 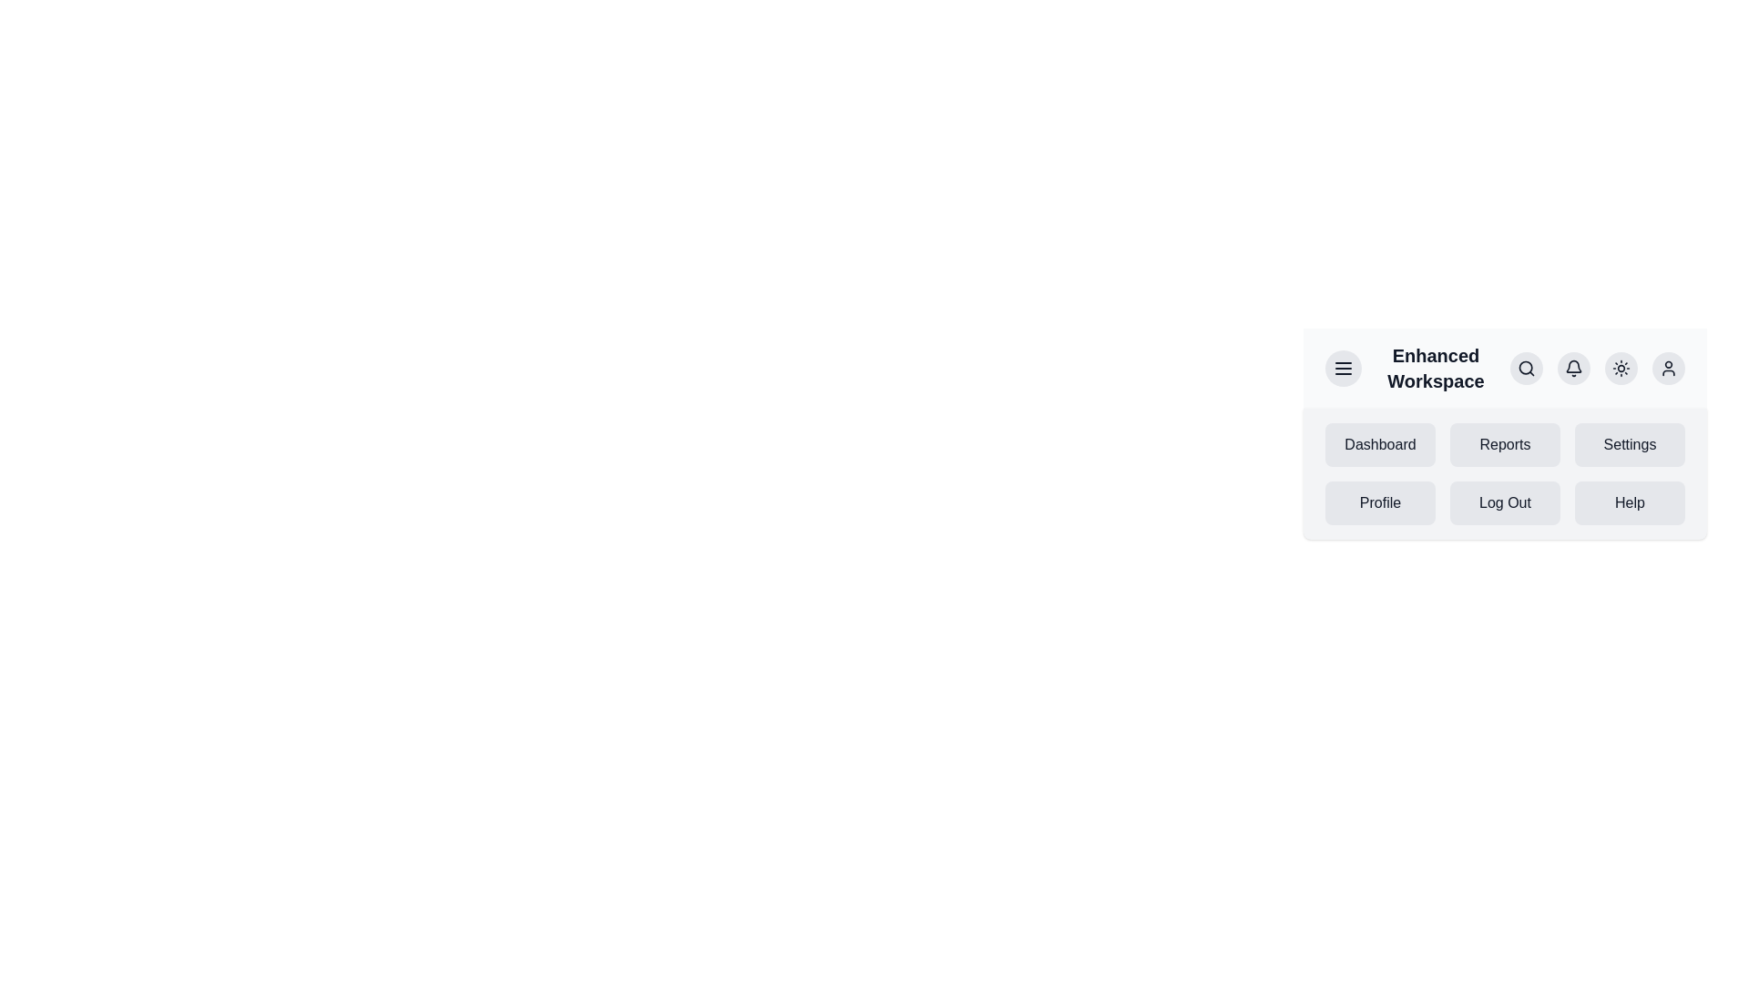 What do you see at coordinates (1630, 502) in the screenshot?
I see `the menu item Help by clicking on it` at bounding box center [1630, 502].